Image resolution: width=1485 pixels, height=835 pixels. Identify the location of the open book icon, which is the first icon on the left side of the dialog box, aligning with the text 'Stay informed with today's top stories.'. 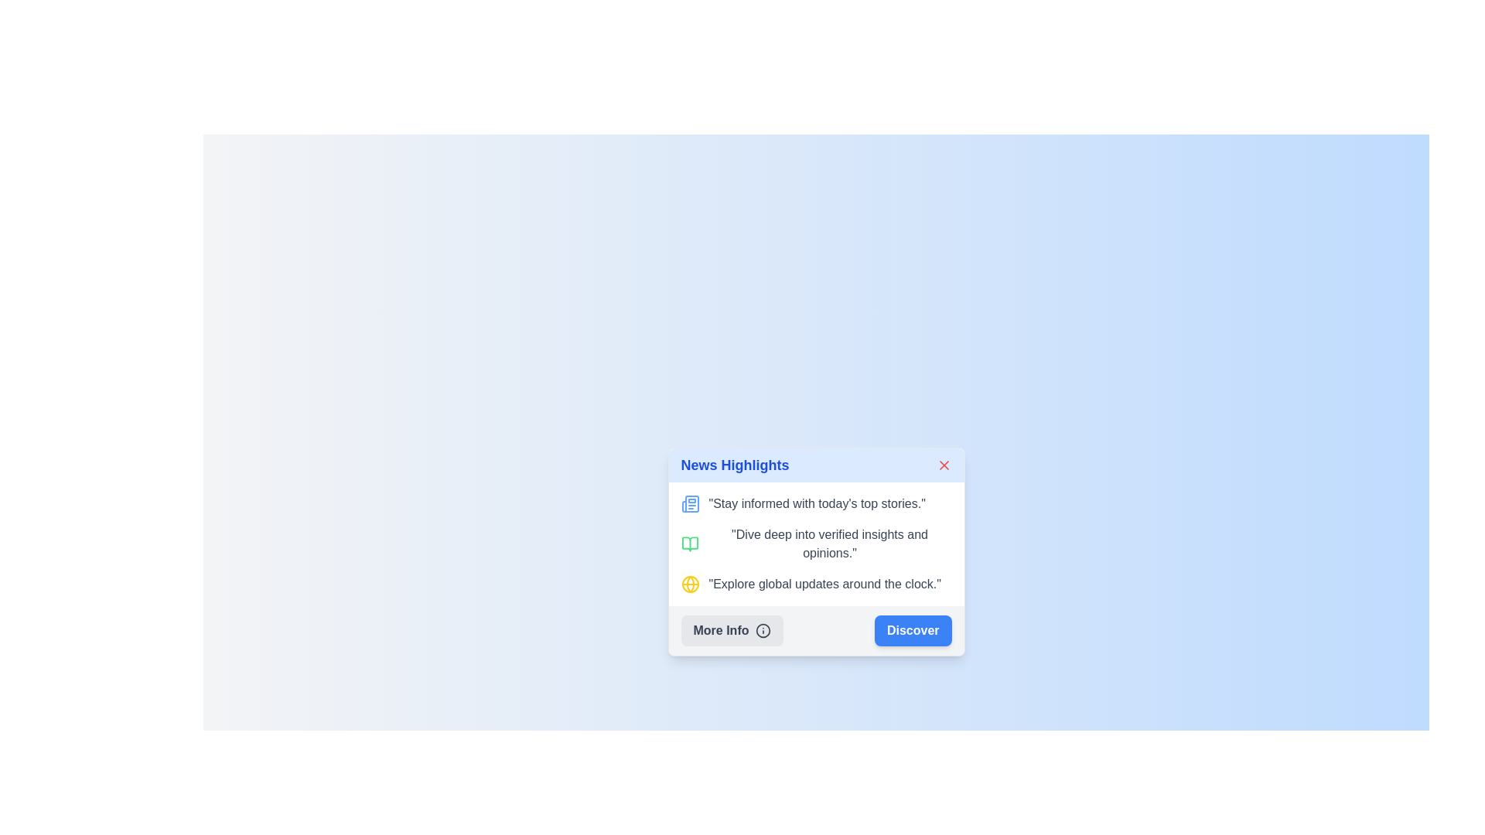
(689, 544).